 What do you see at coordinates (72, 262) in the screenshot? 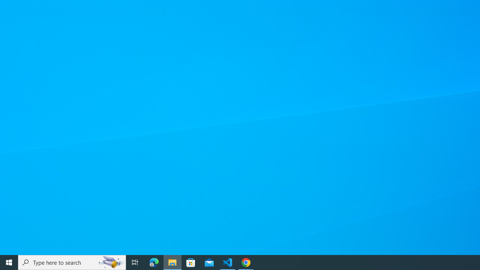
I see `'Type here to search'` at bounding box center [72, 262].